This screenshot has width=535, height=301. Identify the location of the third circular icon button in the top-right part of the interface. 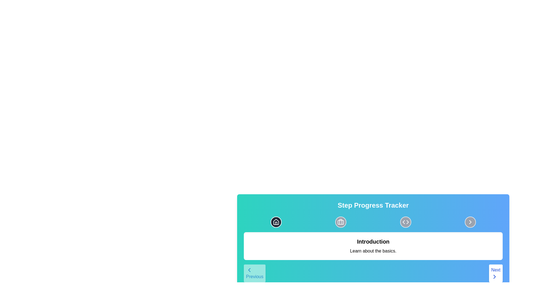
(405, 222).